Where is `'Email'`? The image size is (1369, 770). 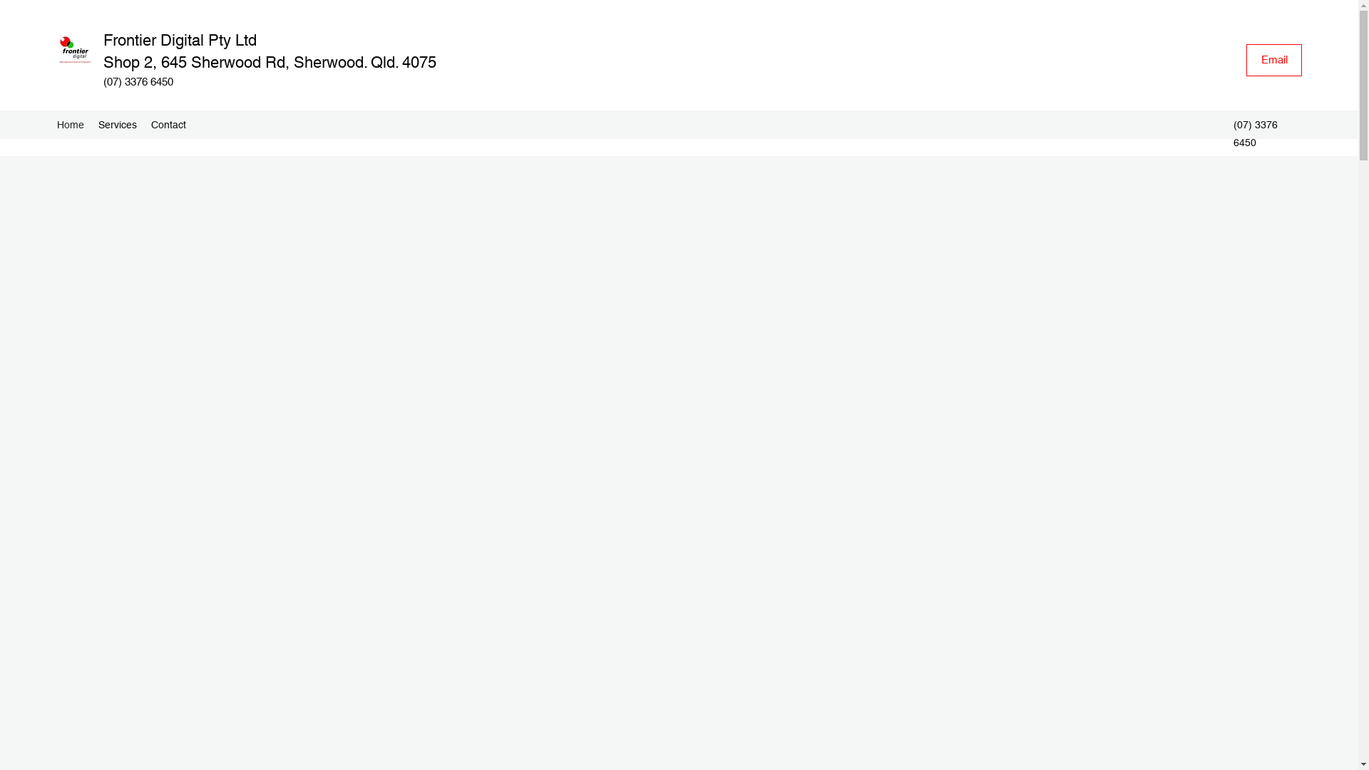
'Email' is located at coordinates (1245, 59).